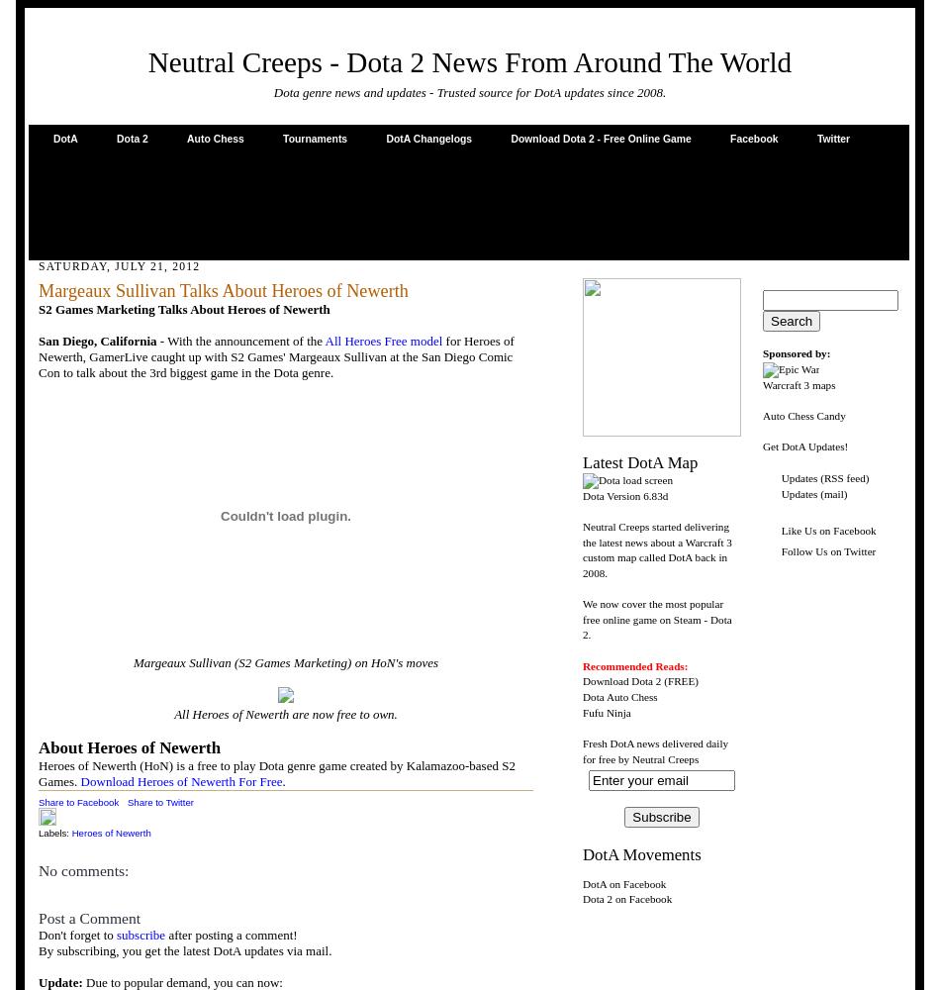 This screenshot has height=990, width=940. What do you see at coordinates (39, 291) in the screenshot?
I see `'Margeaux Sullivan Talks About Heroes of Newerth'` at bounding box center [39, 291].